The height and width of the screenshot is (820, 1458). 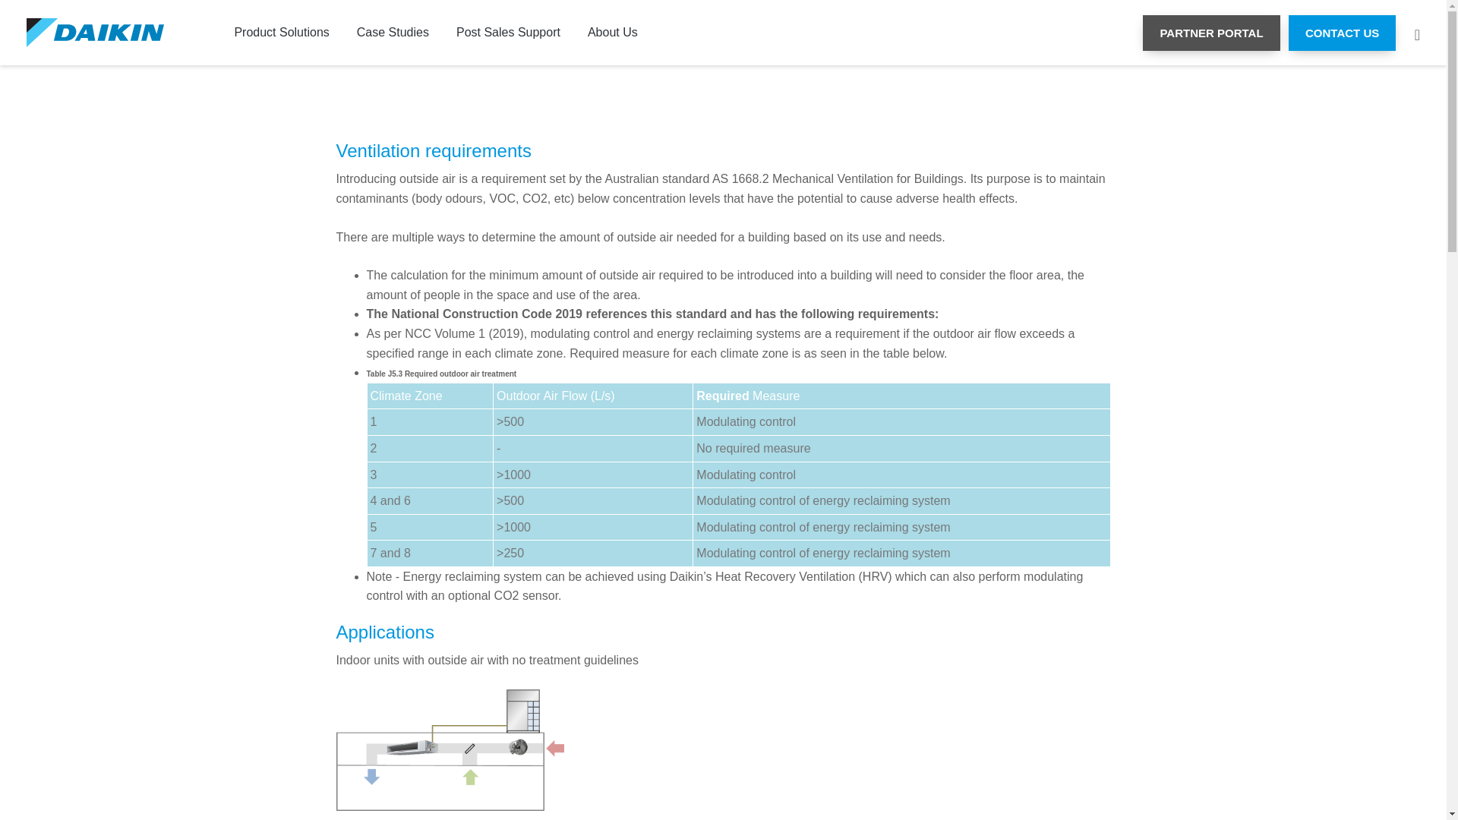 What do you see at coordinates (508, 32) in the screenshot?
I see `'Post Sales Support'` at bounding box center [508, 32].